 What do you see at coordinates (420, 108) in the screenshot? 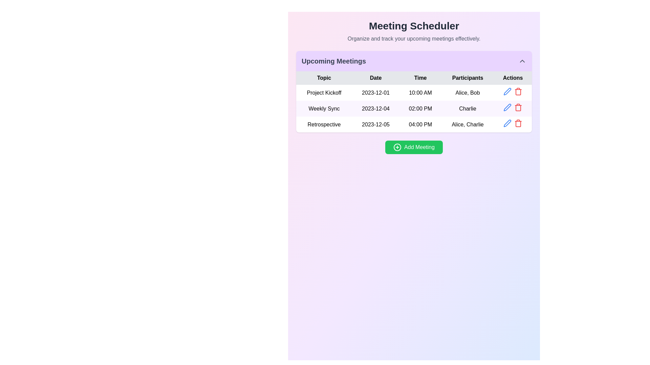
I see `the static text element displaying '02:00 PM' that indicates the time for the 'Weekly Sync' meeting on 2023-12-04` at bounding box center [420, 108].